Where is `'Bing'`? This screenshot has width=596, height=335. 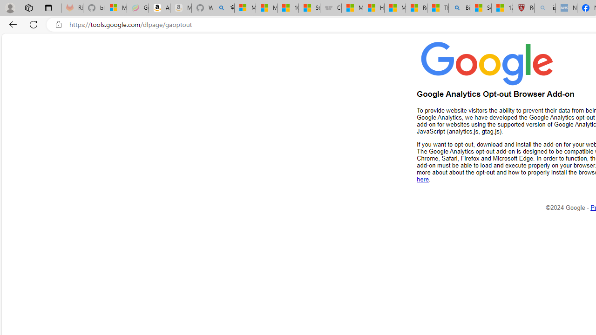
'Bing' is located at coordinates (459, 8).